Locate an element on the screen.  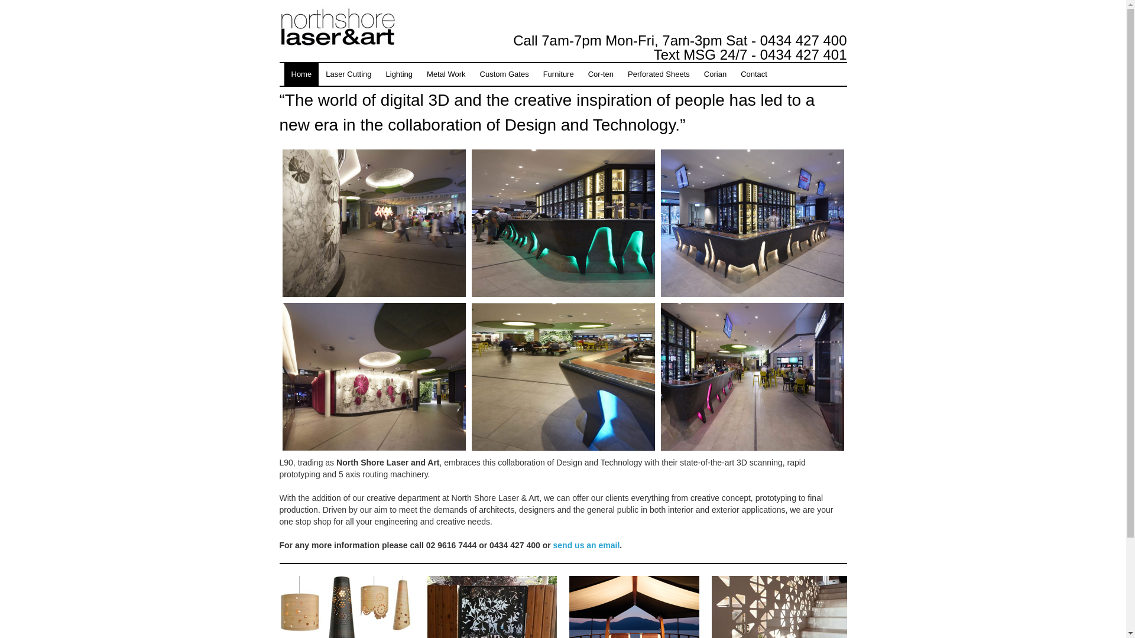
'Corian' is located at coordinates (714, 74).